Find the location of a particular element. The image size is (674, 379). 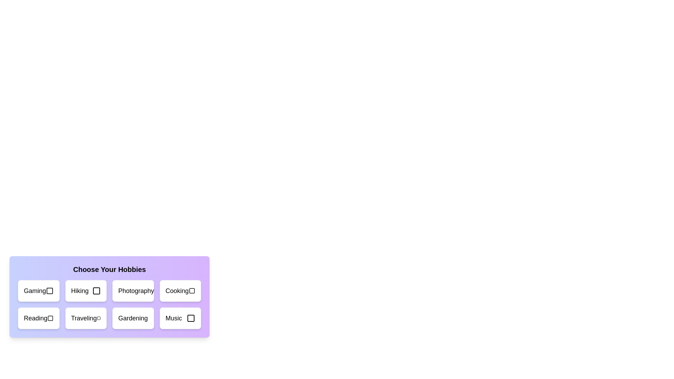

the hobby card labeled 'Photography' is located at coordinates (133, 291).